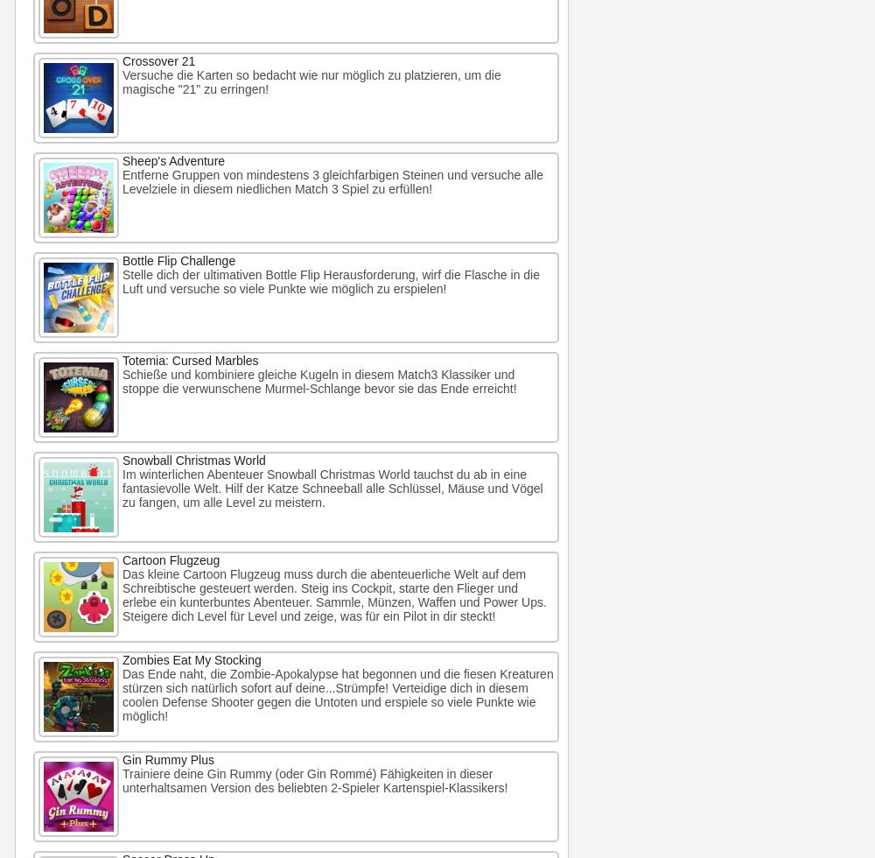  Describe the element at coordinates (311, 81) in the screenshot. I see `'Versuche die Karten so bedacht wie nur möglich zu platzieren, um die magische "21" zu erringen!'` at that location.